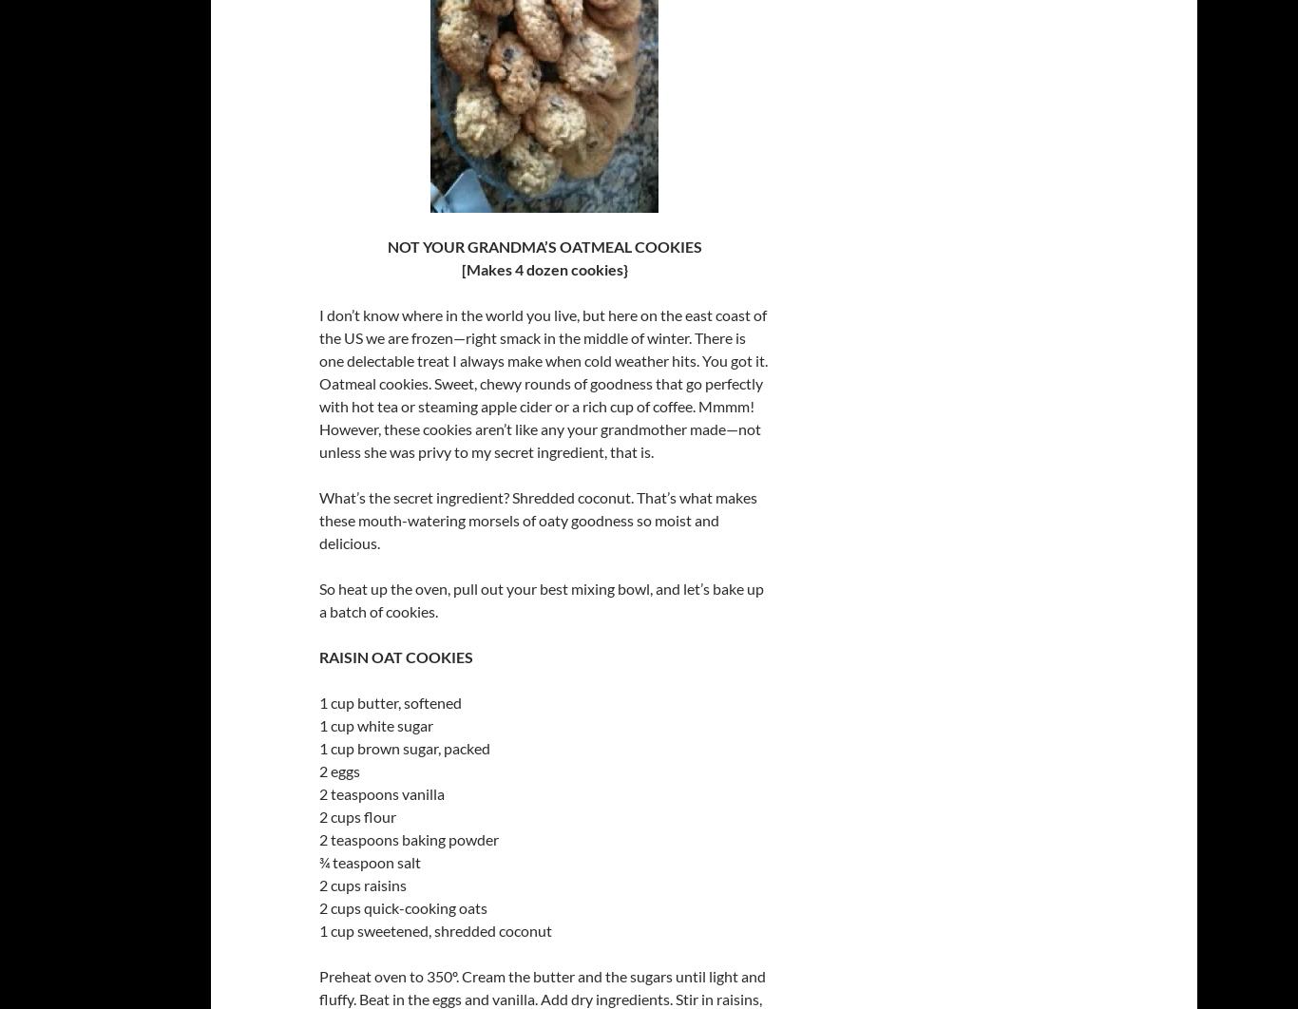 This screenshot has height=1009, width=1298. What do you see at coordinates (538, 520) in the screenshot?
I see `'What’s the secret ingredient? Shredded coconut. That’s what makes these mouth-watering morsels of oaty goodness so moist and delicious.'` at bounding box center [538, 520].